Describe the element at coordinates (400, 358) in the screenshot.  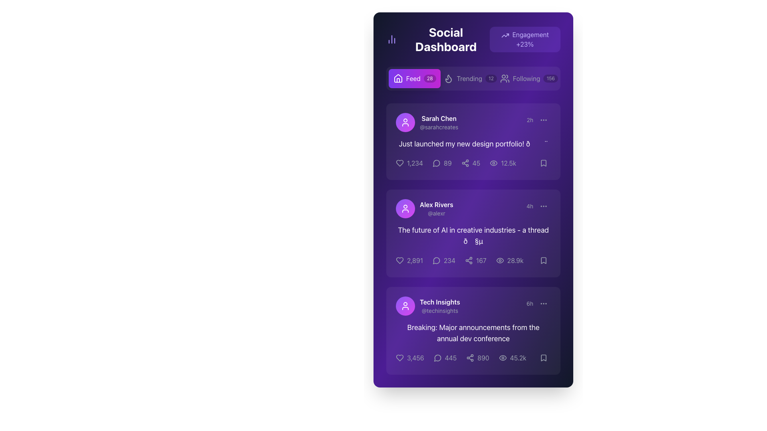
I see `the heart-shaped icon button to like the post in the 'Tech Insights' entry, which is the first icon in the row of interactive icons` at that location.